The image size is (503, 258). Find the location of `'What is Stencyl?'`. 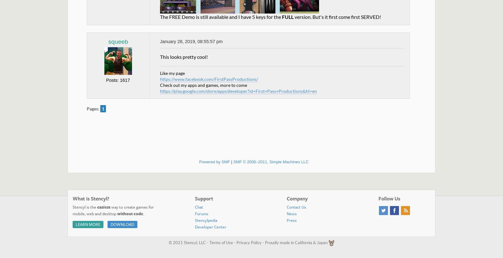

'What is Stencyl?' is located at coordinates (91, 198).